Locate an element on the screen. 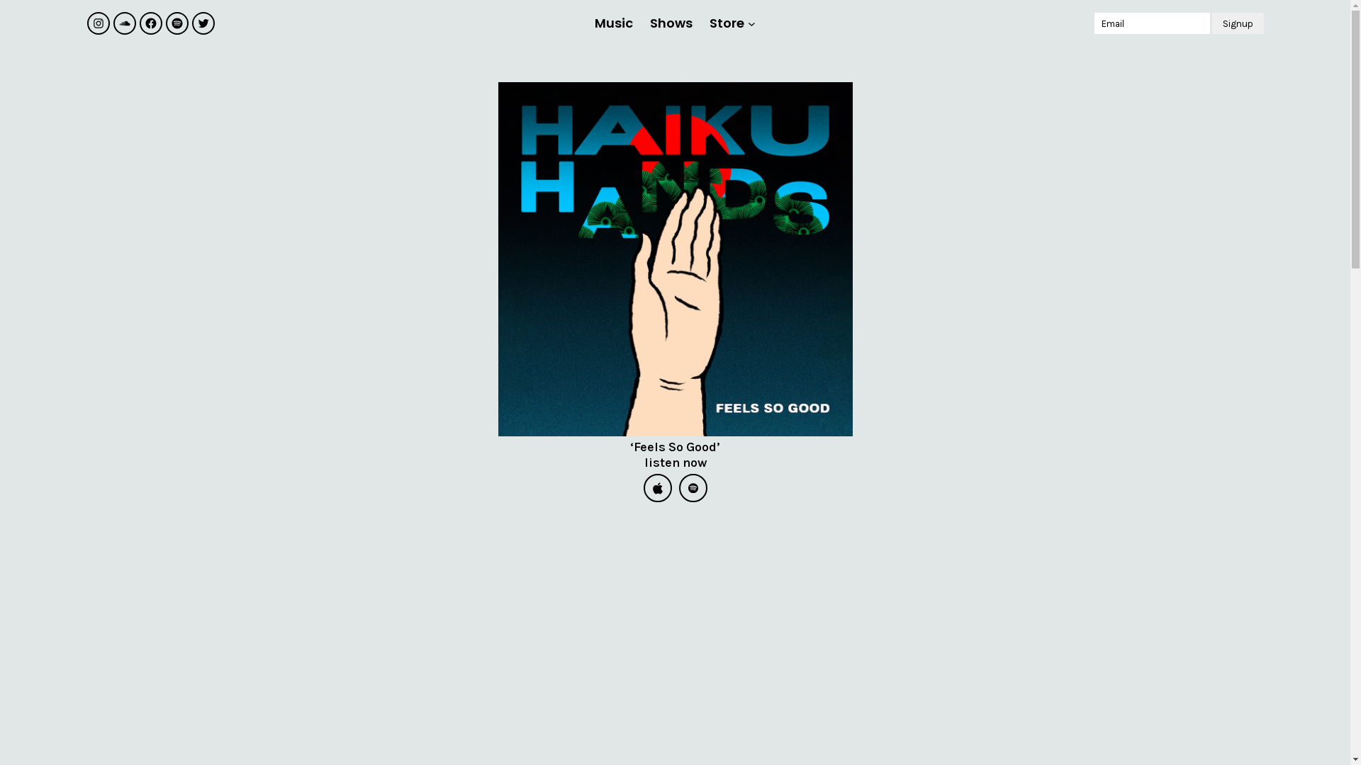  'Shows' is located at coordinates (649, 23).